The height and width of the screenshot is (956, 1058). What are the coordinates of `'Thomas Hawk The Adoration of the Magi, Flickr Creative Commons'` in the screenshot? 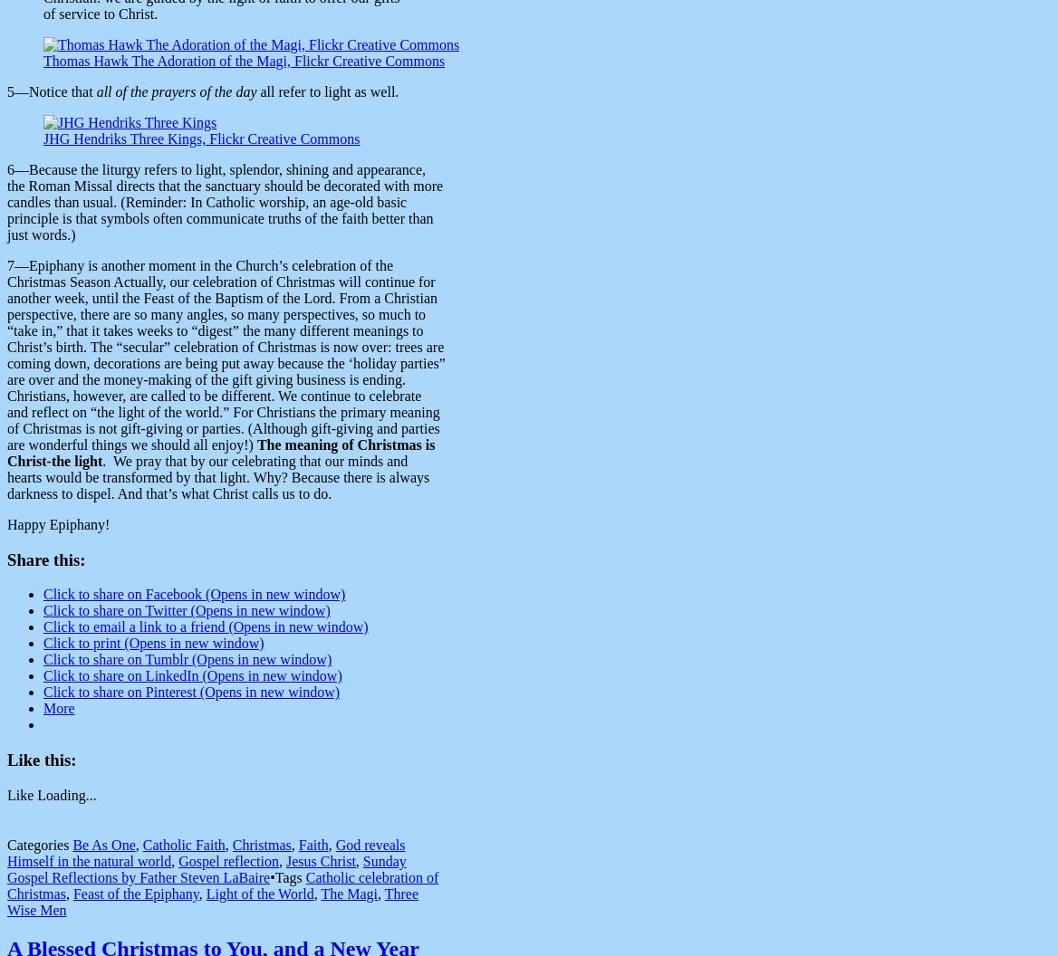 It's located at (43, 60).